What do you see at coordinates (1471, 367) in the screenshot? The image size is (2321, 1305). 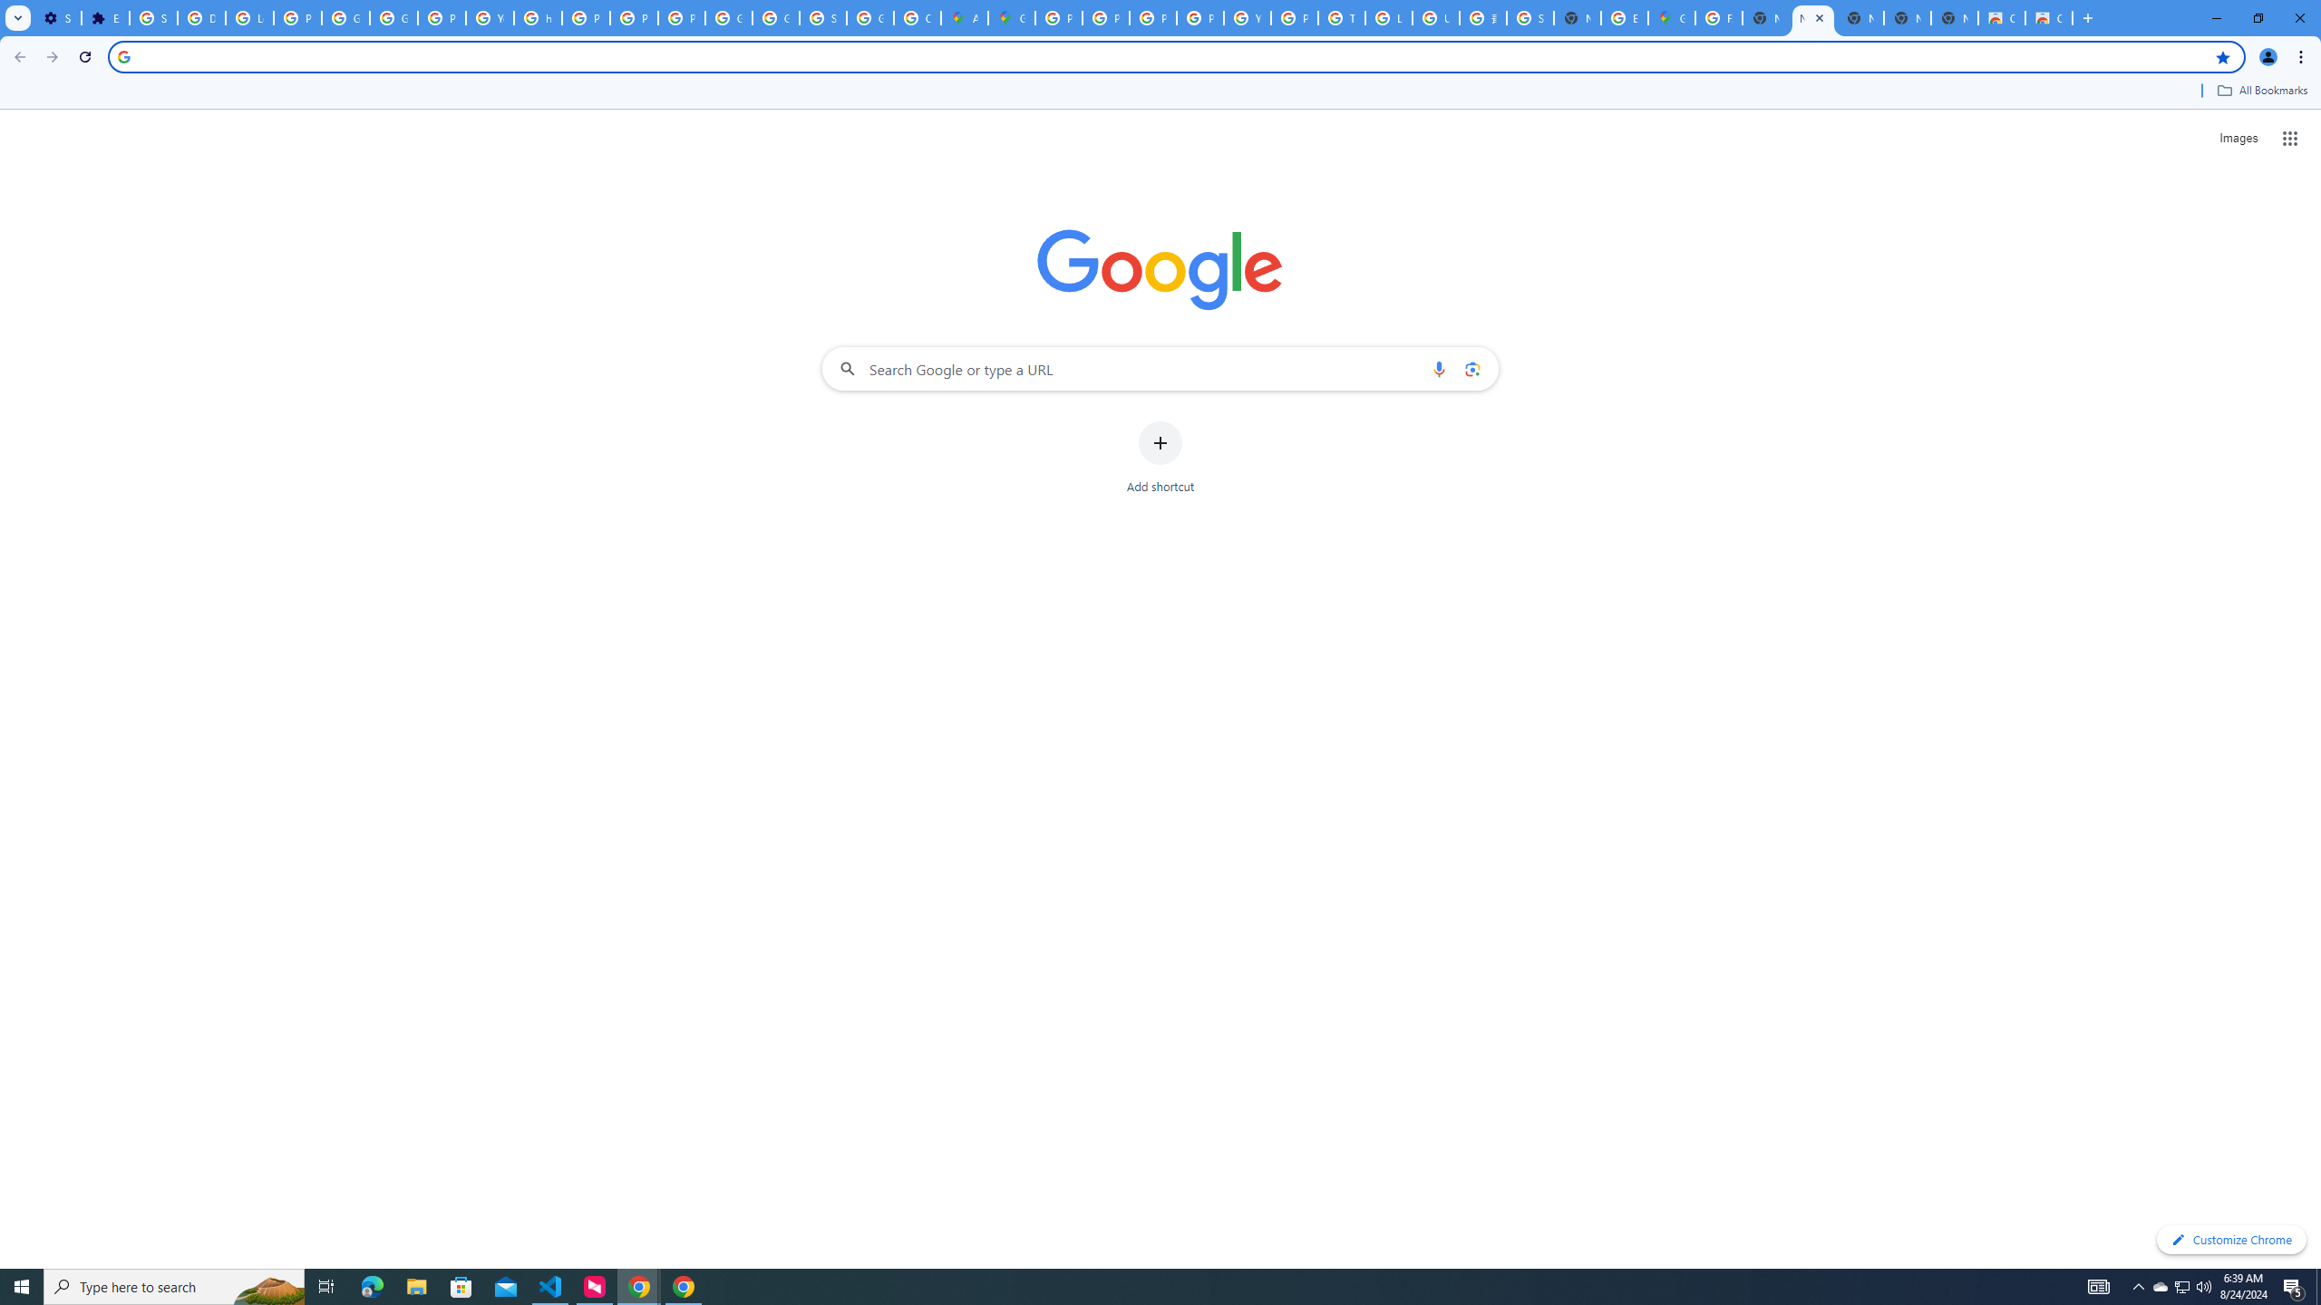 I see `'Search by image'` at bounding box center [1471, 367].